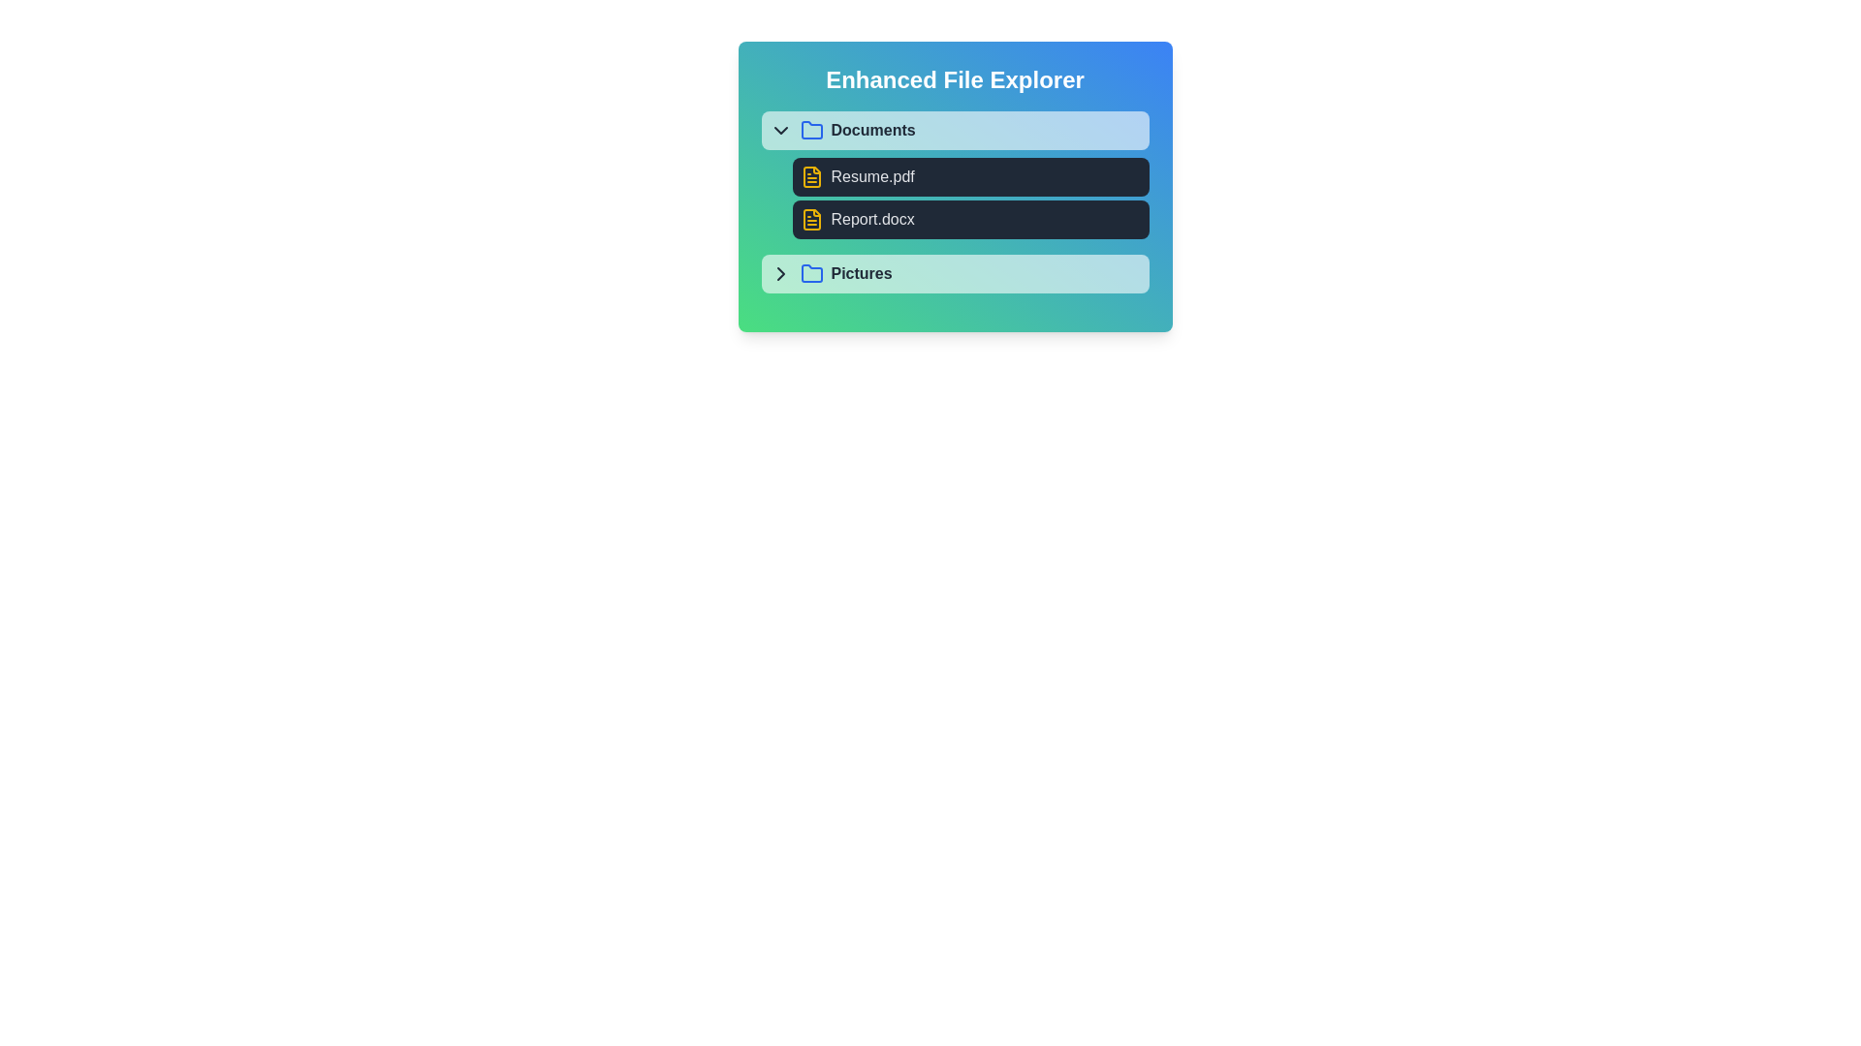  What do you see at coordinates (970, 176) in the screenshot?
I see `the file Resume.pdf to view its details` at bounding box center [970, 176].